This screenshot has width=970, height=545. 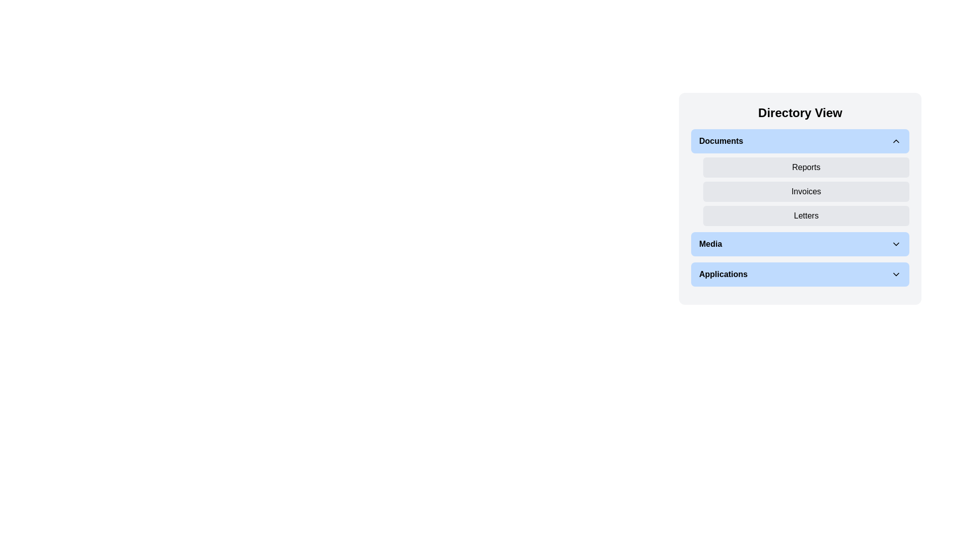 I want to click on the small black chevron-shaped icon pointing upwards located on the far right side of the 'Documents' blue banner in the 'Directory View' panel, so click(x=896, y=141).